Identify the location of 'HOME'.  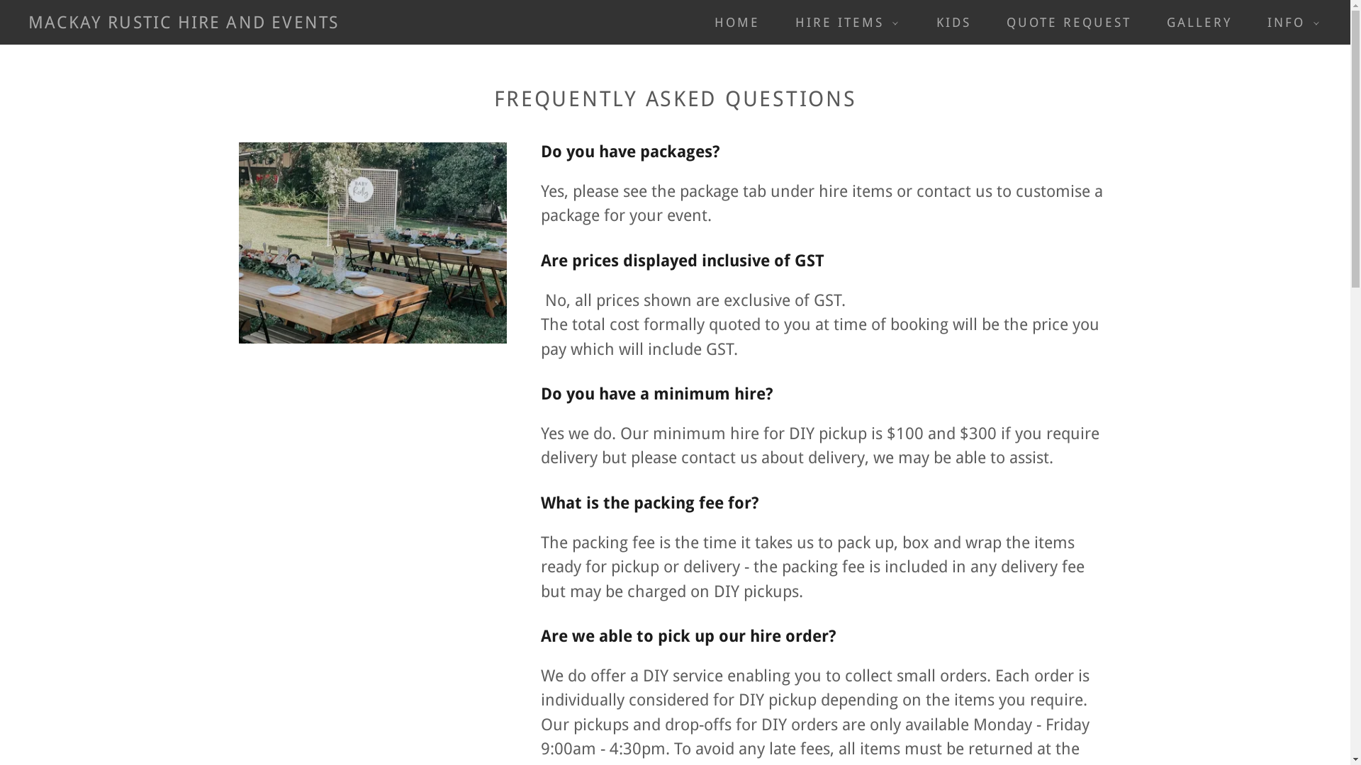
(731, 22).